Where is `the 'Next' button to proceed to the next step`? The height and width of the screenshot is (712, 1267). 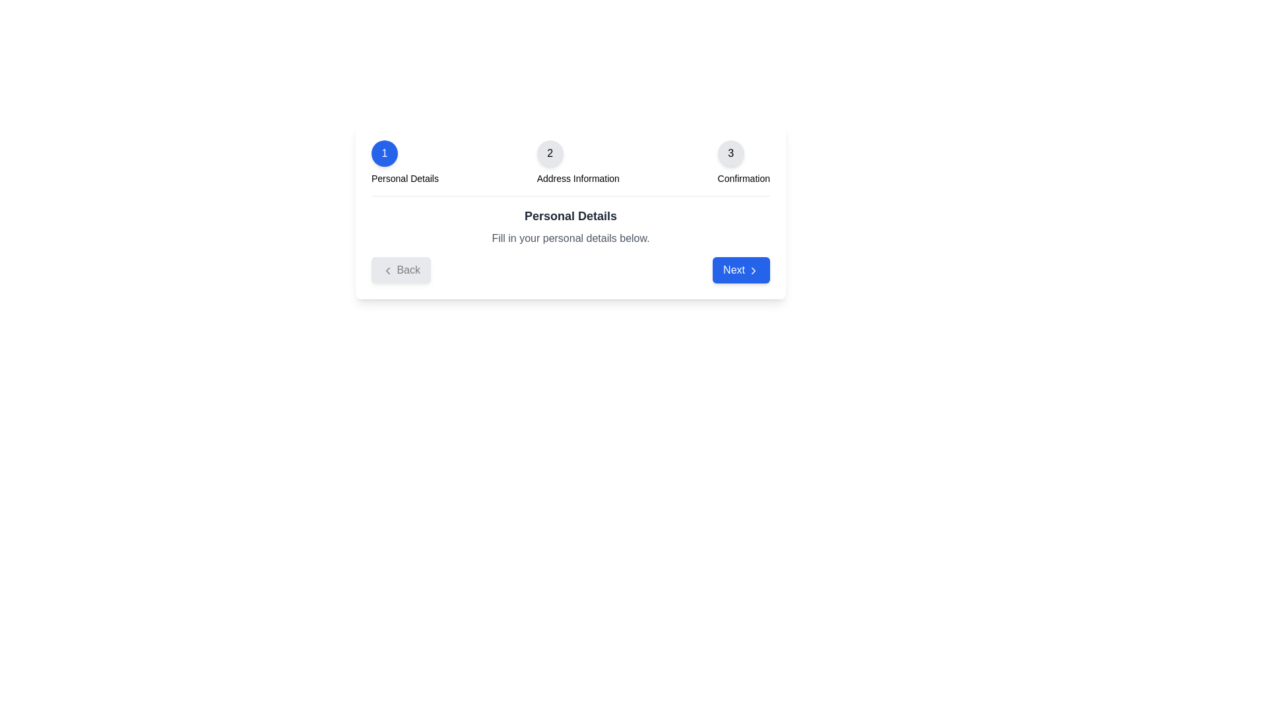
the 'Next' button to proceed to the next step is located at coordinates (741, 269).